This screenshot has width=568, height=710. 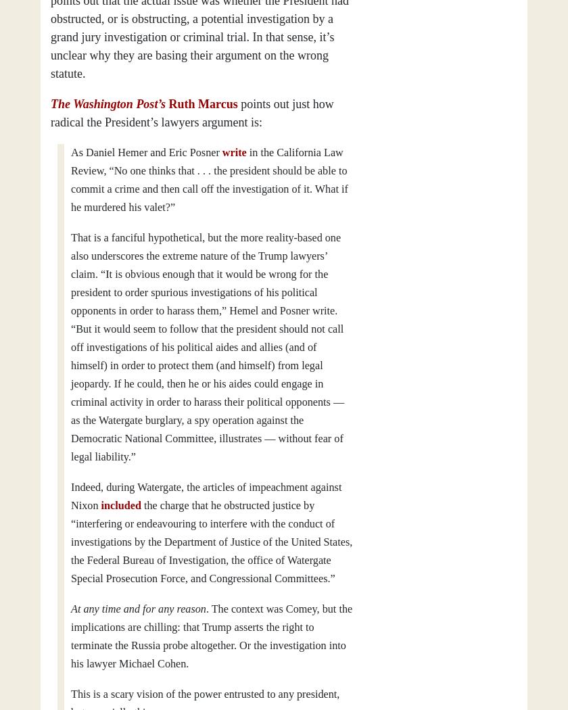 What do you see at coordinates (202, 104) in the screenshot?
I see `'Ruth Marcus'` at bounding box center [202, 104].